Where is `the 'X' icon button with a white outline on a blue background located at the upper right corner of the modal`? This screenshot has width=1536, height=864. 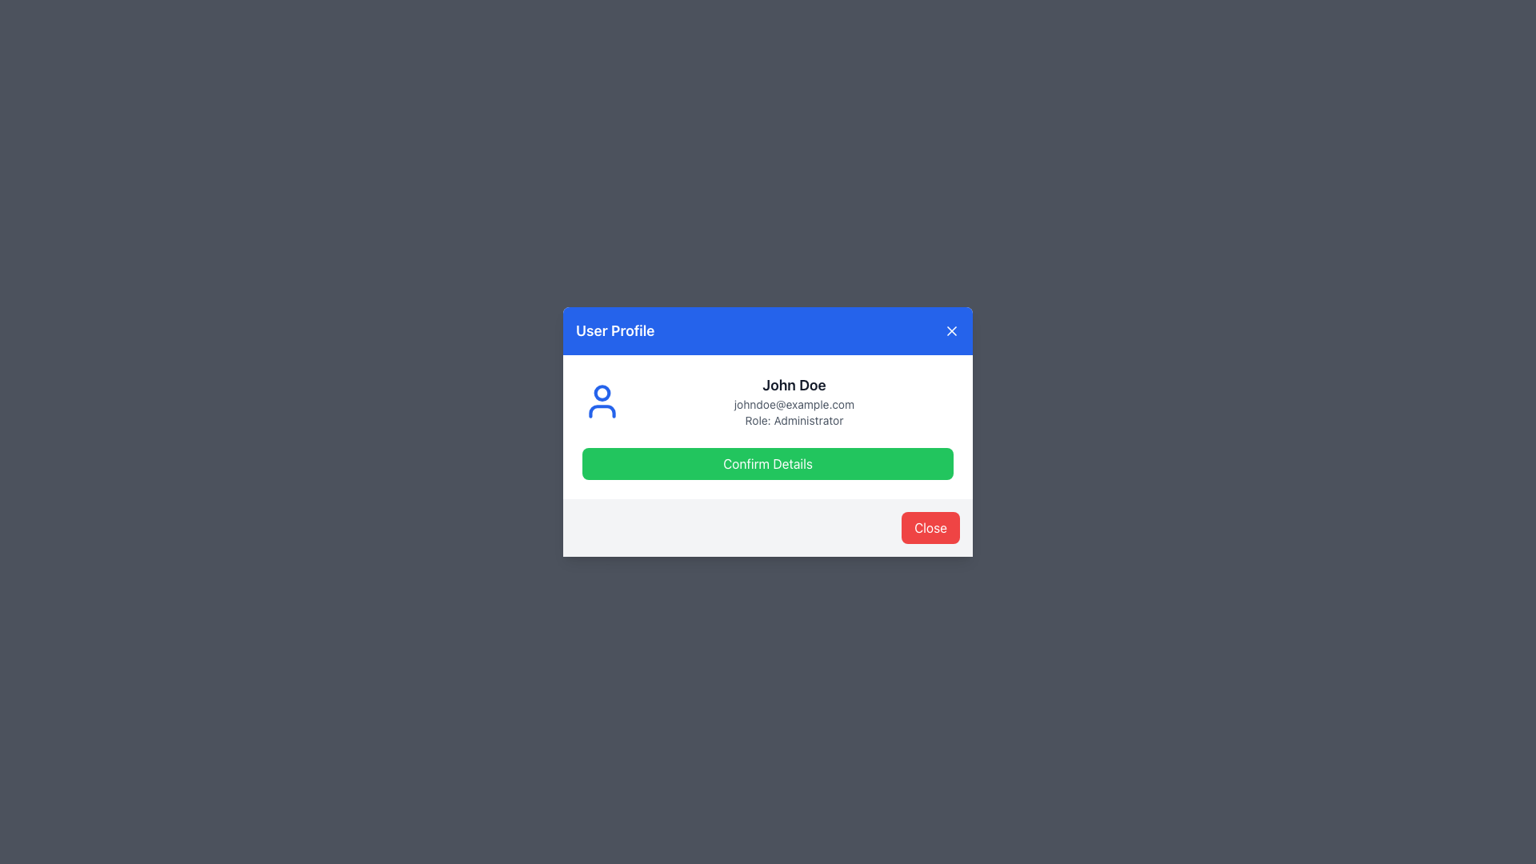 the 'X' icon button with a white outline on a blue background located at the upper right corner of the modal is located at coordinates (952, 330).